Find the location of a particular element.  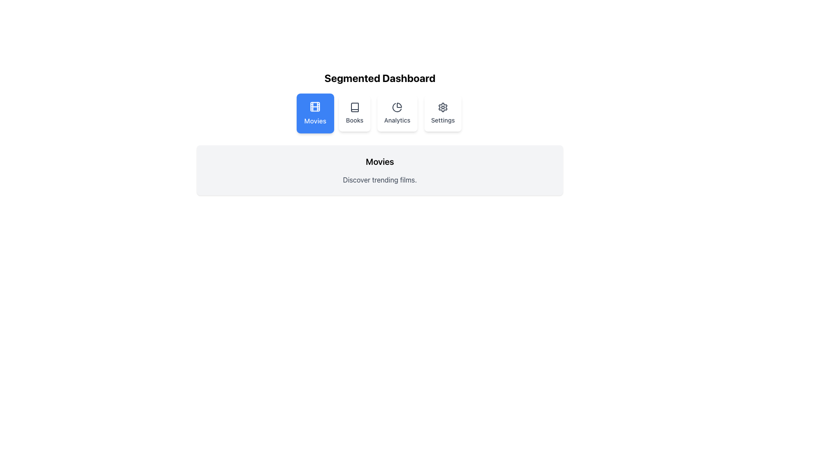

the navigation button for the 'Movies' section located under the 'Segmented Dashboard' heading is located at coordinates (314, 113).